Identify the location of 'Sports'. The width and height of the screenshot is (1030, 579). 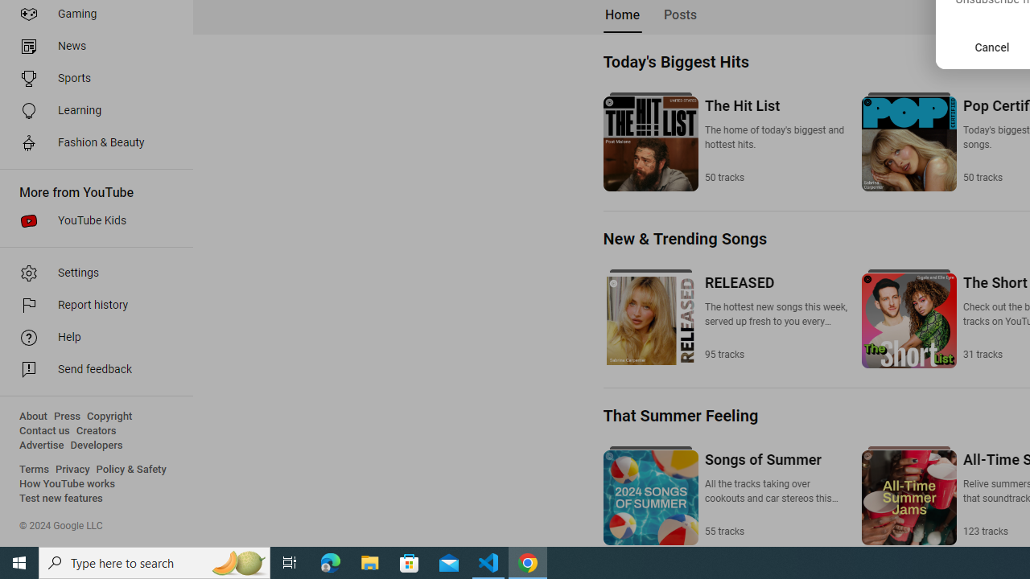
(90, 78).